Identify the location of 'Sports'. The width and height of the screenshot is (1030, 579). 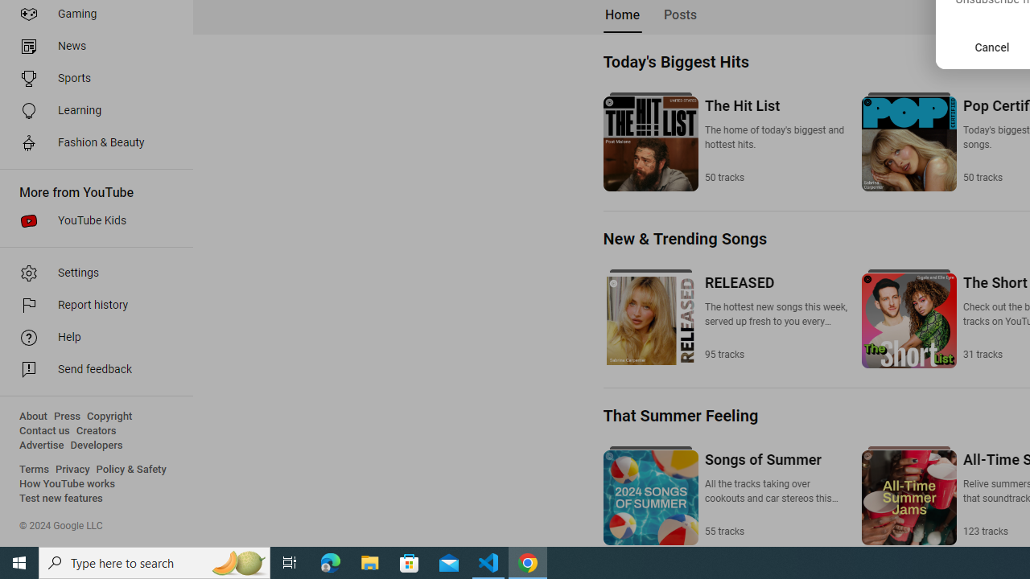
(90, 78).